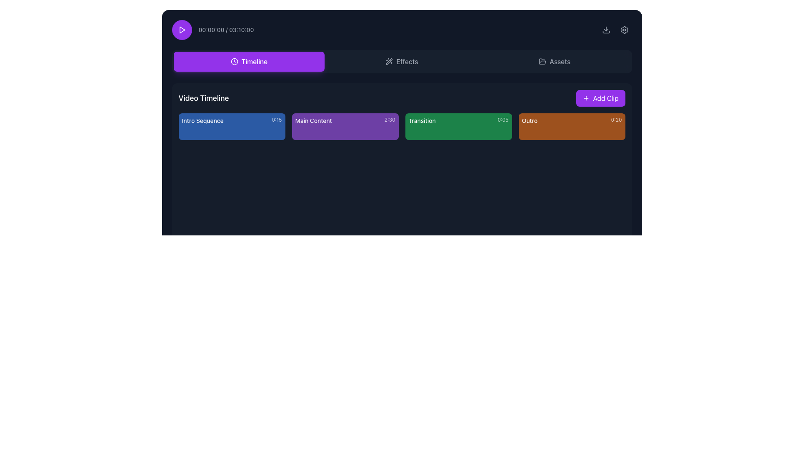 This screenshot has width=800, height=450. What do you see at coordinates (560, 61) in the screenshot?
I see `the 'Assets' label, which is a text label displayed in white on a dark background, located in the top central navigation bar to the right of a folder icon` at bounding box center [560, 61].